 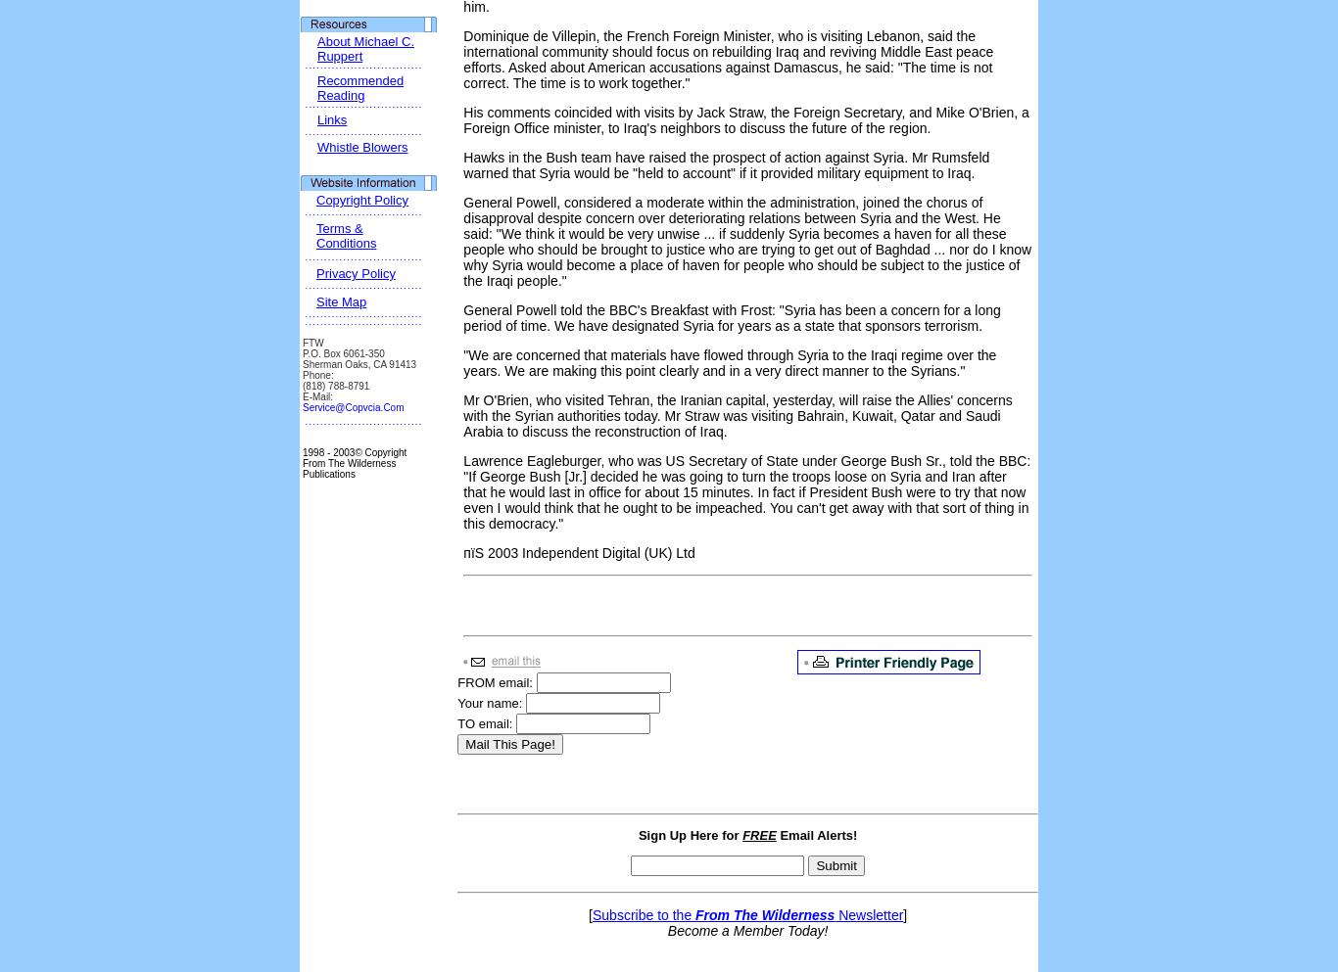 I want to click on 'Terms & Conditions', so click(x=316, y=234).